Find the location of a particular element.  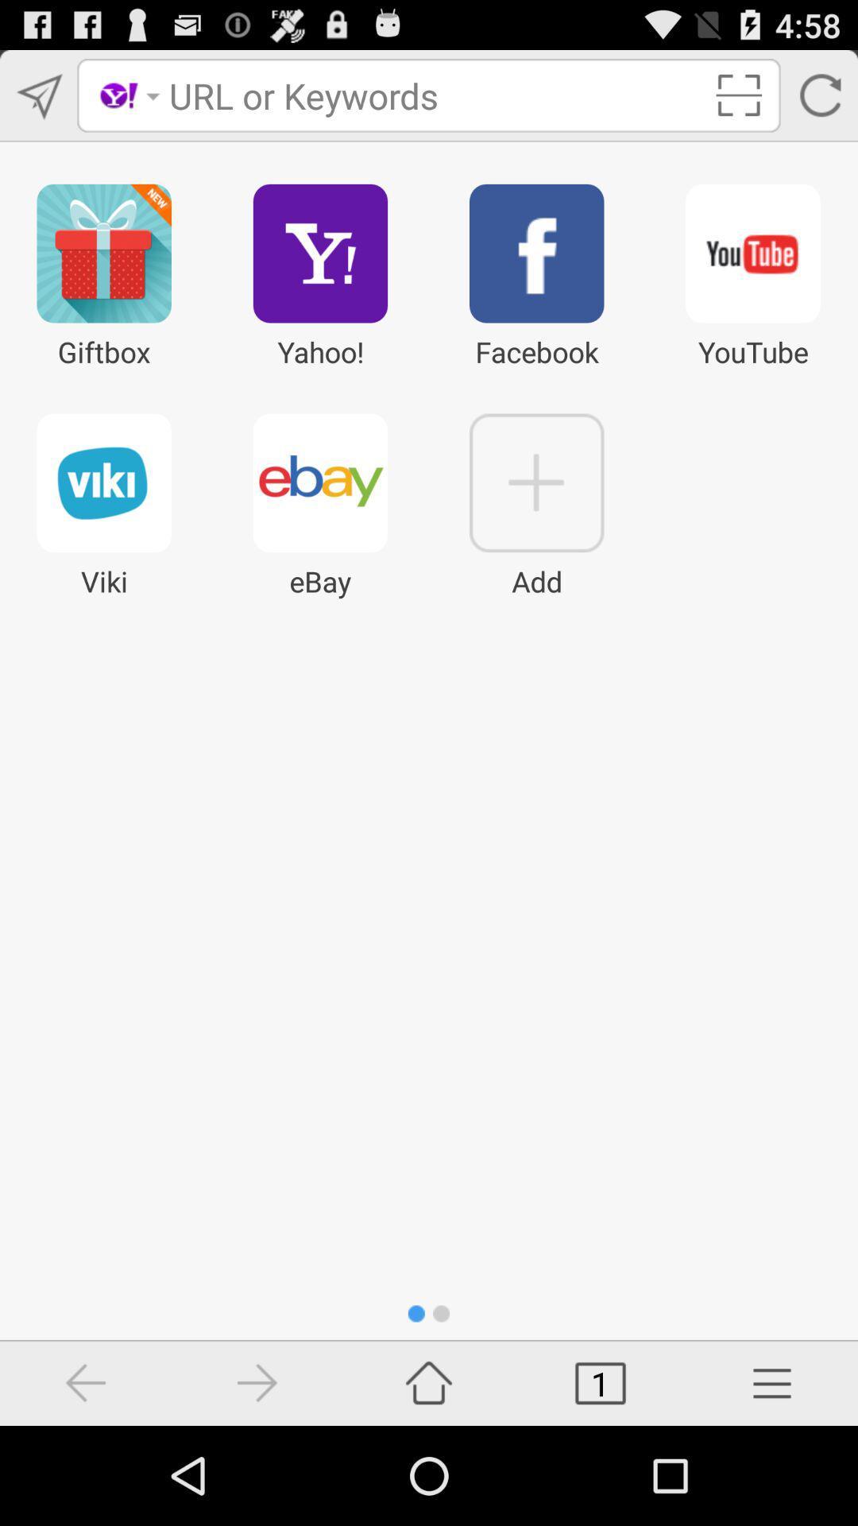

the facebook icon is located at coordinates (536, 285).